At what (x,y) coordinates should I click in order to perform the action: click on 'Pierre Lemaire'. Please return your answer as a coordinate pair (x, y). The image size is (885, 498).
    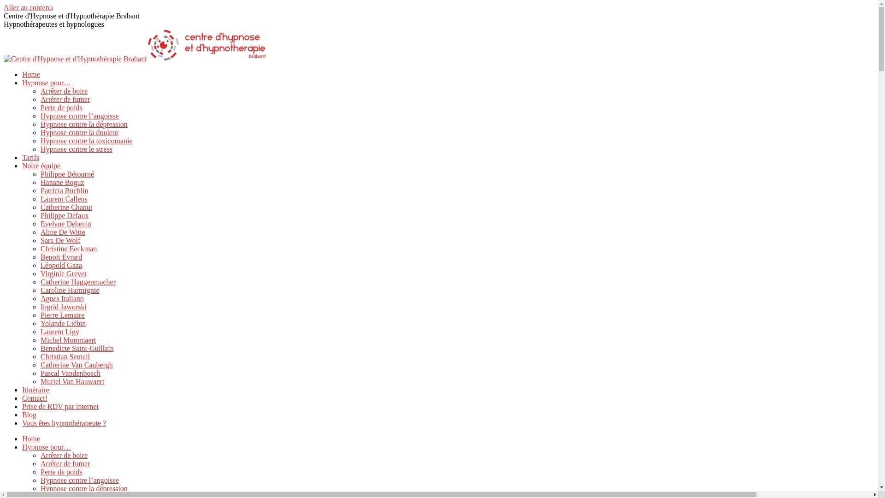
    Looking at the image, I should click on (62, 314).